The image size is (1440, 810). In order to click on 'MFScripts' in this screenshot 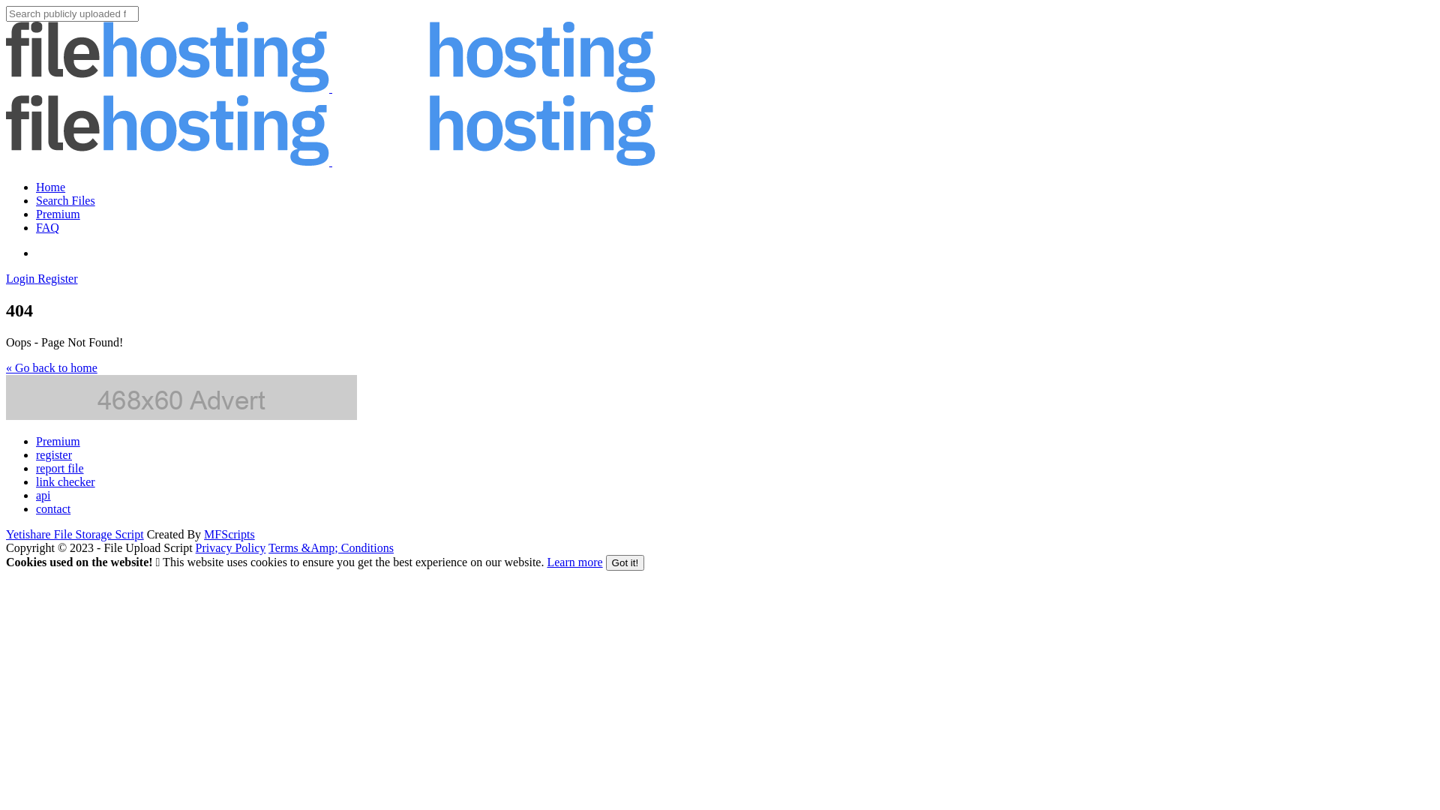, I will do `click(229, 533)`.